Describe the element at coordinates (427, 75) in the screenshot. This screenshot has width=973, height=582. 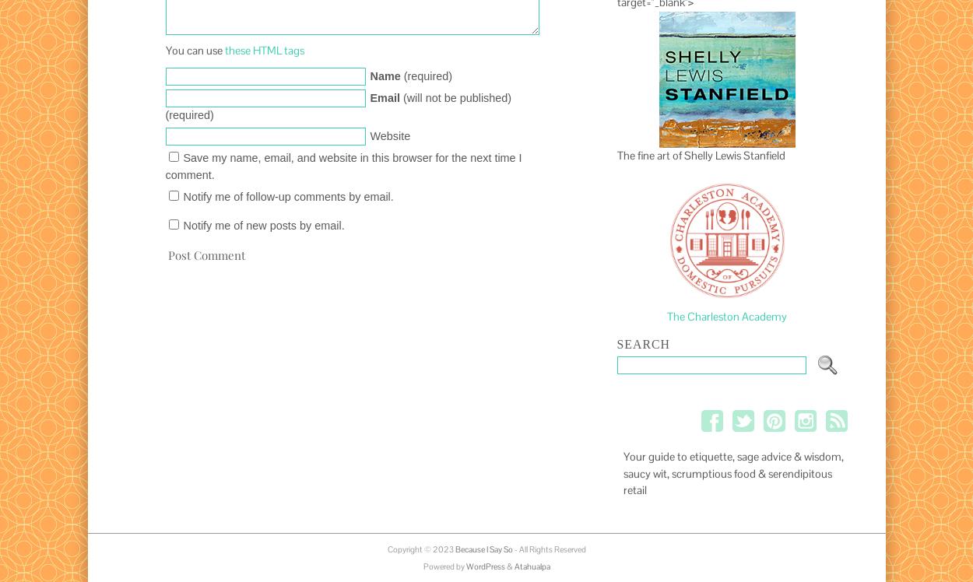
I see `'(required)'` at that location.